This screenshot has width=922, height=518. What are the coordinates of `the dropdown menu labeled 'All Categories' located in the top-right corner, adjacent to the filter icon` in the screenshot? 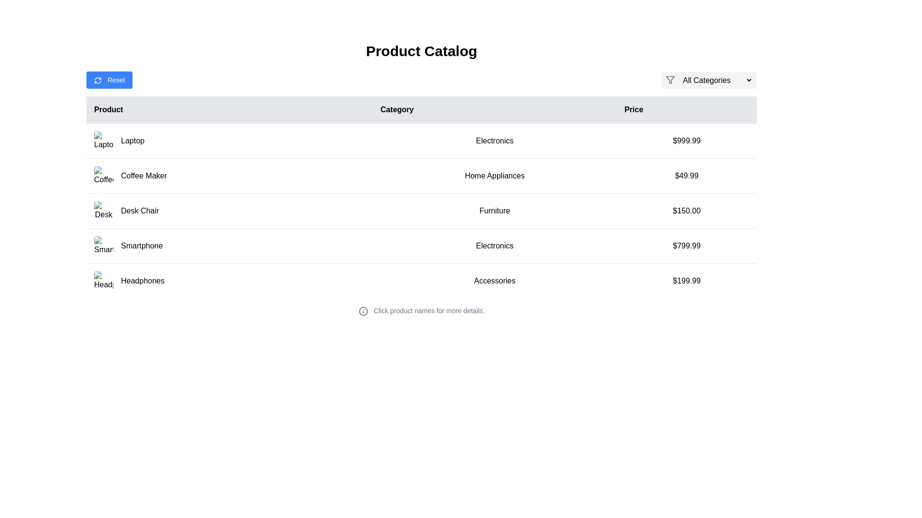 It's located at (716, 79).